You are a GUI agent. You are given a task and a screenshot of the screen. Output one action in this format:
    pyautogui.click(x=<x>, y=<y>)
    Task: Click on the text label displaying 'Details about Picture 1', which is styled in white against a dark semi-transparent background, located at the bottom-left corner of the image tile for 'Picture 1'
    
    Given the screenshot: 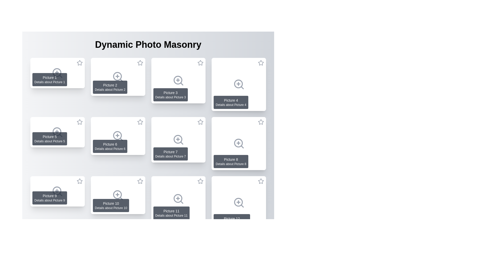 What is the action you would take?
    pyautogui.click(x=50, y=82)
    